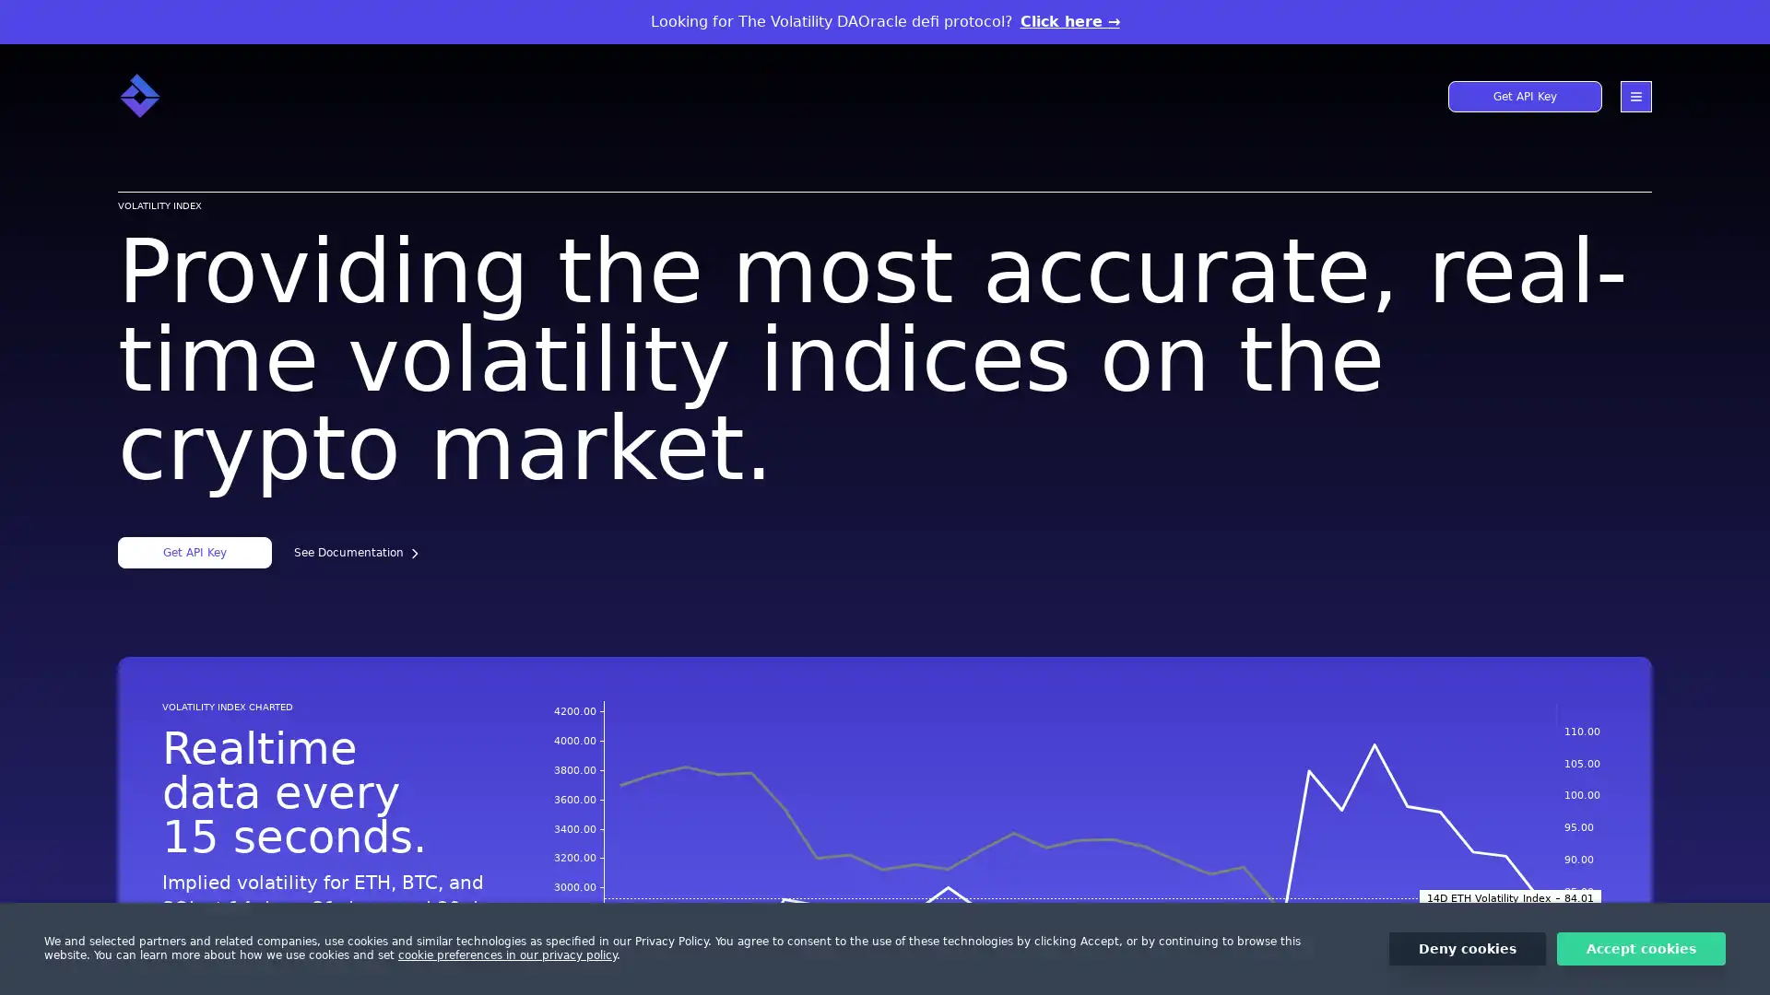  What do you see at coordinates (1467, 948) in the screenshot?
I see `Deny cookies` at bounding box center [1467, 948].